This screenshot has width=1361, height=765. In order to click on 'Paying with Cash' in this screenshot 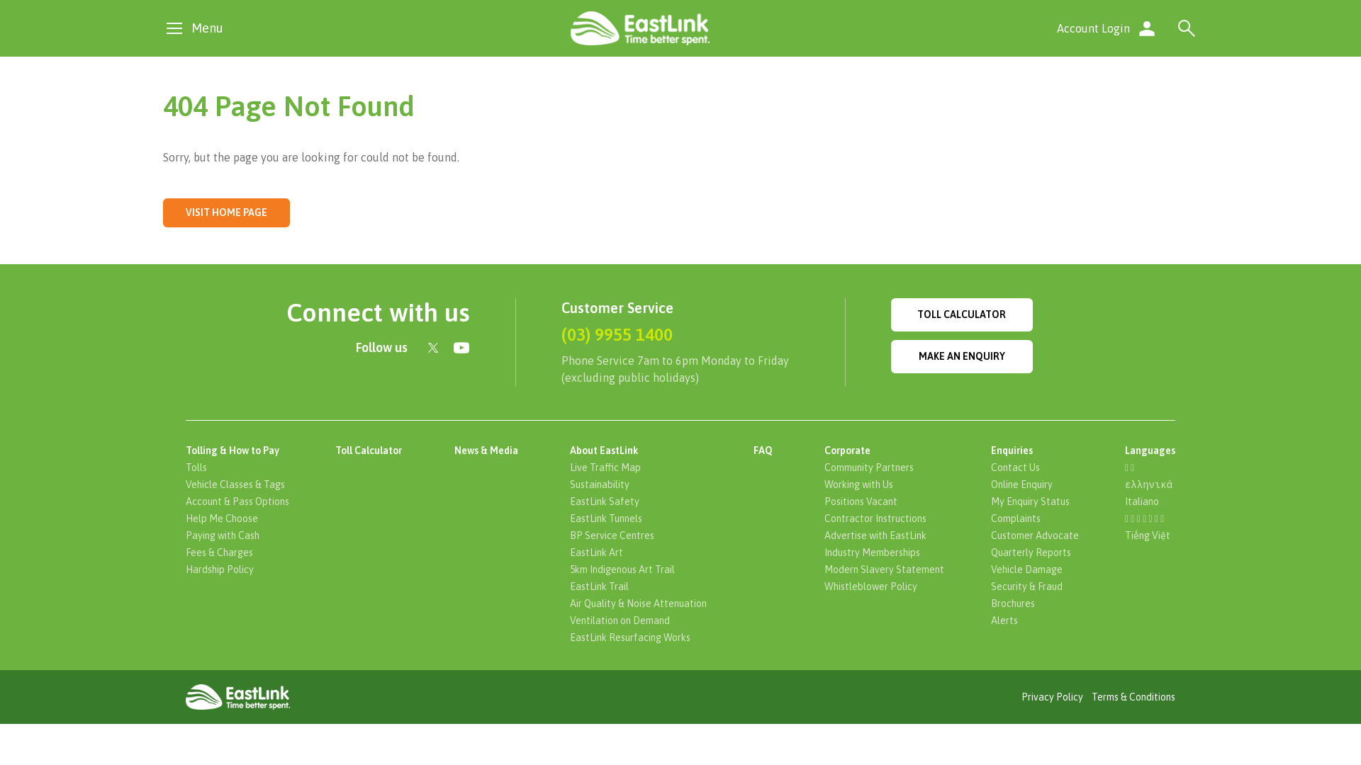, I will do `click(228, 535)`.